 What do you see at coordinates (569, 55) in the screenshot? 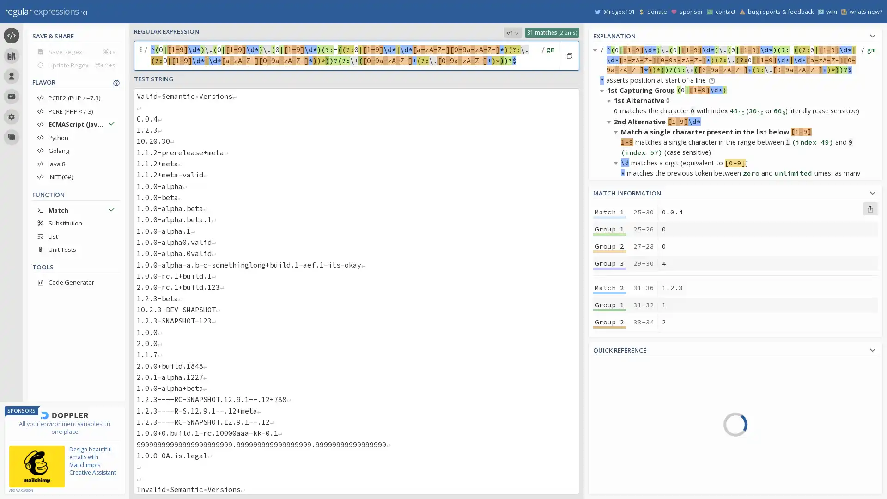
I see `Copy to clipboard` at bounding box center [569, 55].